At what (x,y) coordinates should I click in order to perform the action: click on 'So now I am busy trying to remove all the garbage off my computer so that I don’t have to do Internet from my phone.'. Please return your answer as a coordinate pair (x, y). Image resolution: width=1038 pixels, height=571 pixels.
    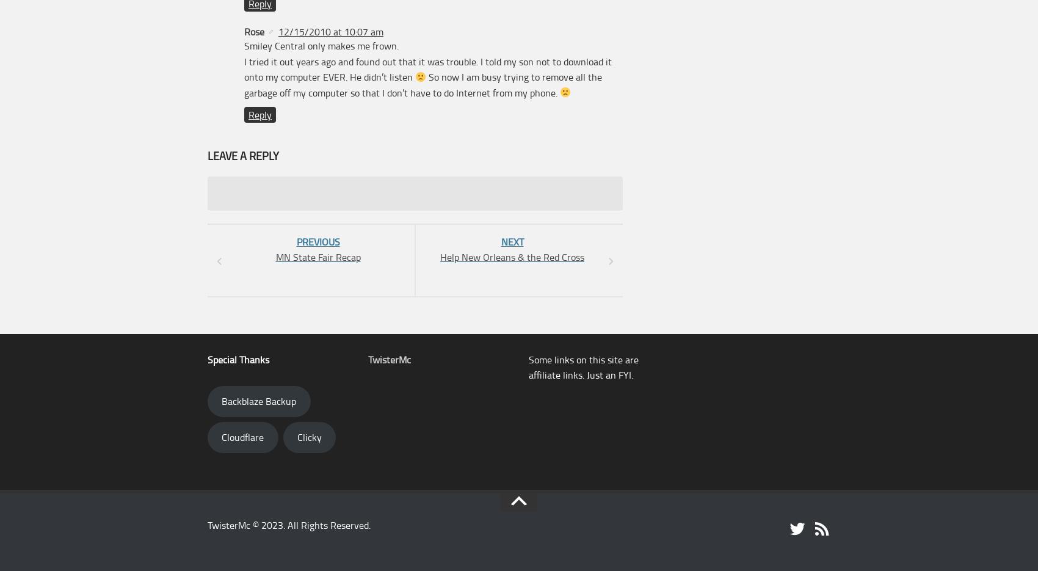
    Looking at the image, I should click on (423, 84).